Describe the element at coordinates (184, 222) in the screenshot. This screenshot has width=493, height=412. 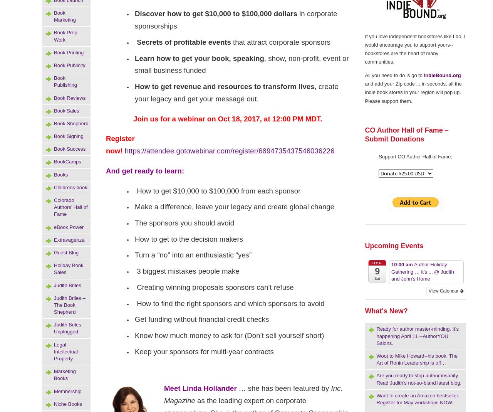
I see `'The sponsors you should avoid'` at that location.